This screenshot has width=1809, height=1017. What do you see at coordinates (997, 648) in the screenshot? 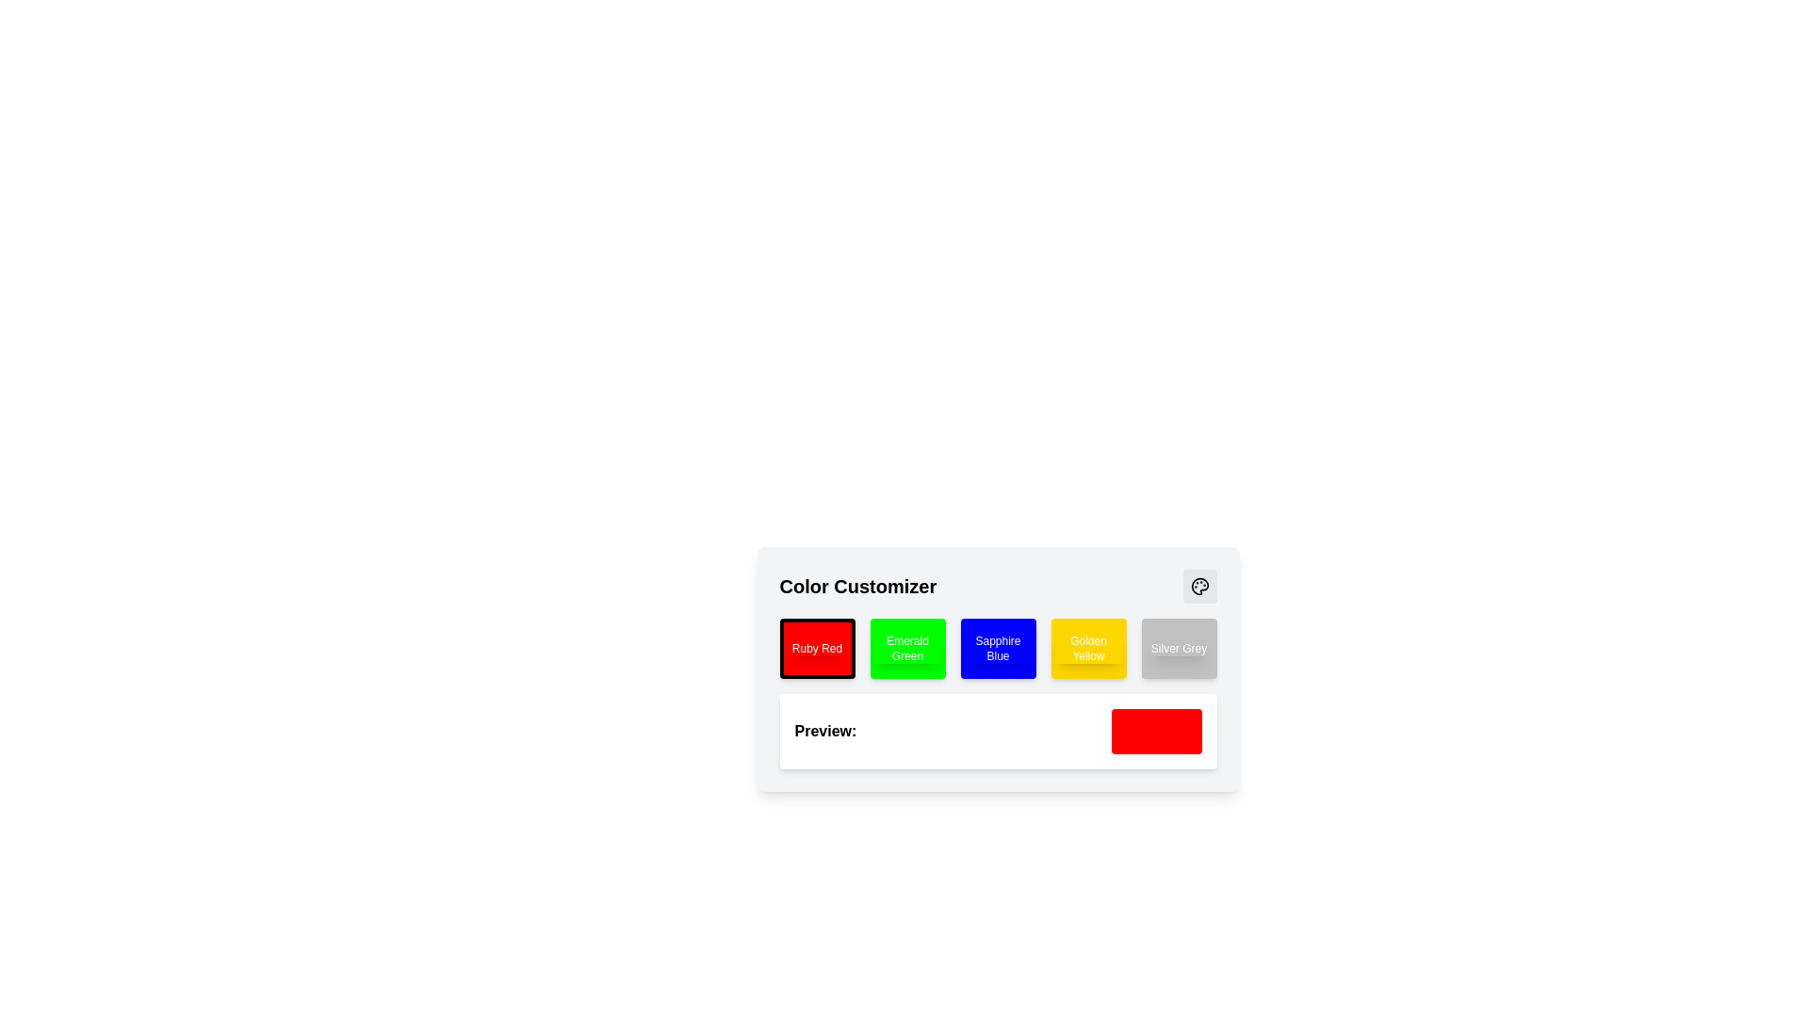
I see `the 'Sapphire Blue' selection button, which is the third button in a grid layout of five colored buttons, positioned between the 'Emerald Green' and 'Golden Yellow' buttons` at bounding box center [997, 648].